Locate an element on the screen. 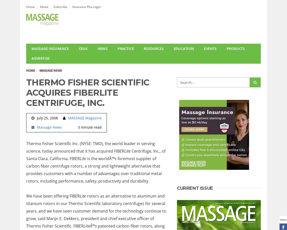  'Upload Advertising' is located at coordinates (53, 79).